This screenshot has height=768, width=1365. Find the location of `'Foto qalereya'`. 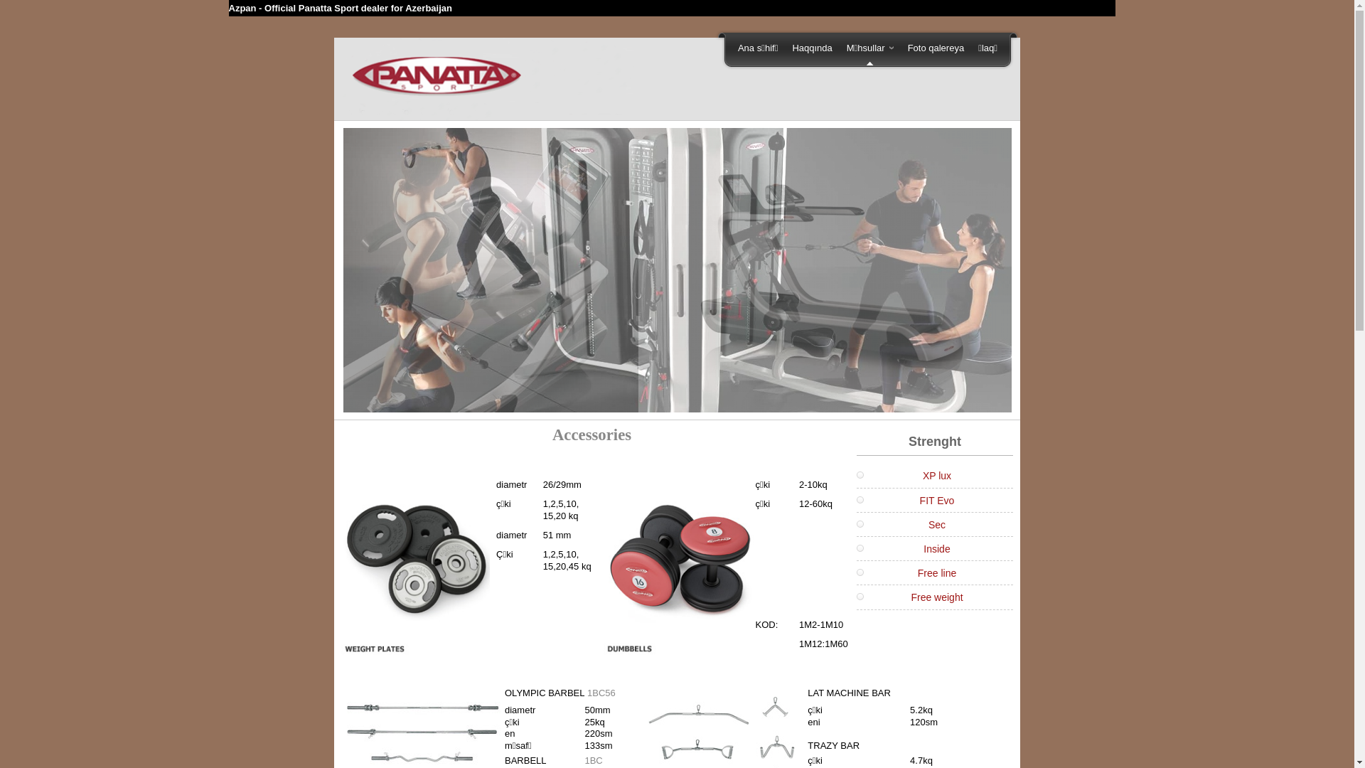

'Foto qalereya' is located at coordinates (900, 47).